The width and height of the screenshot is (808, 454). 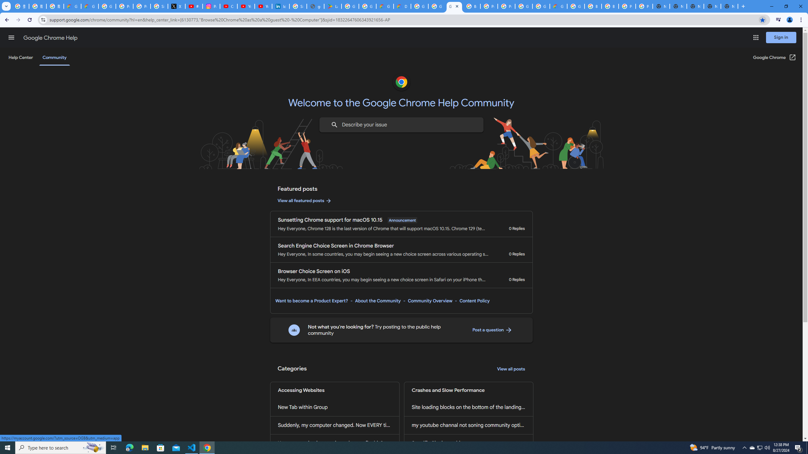 What do you see at coordinates (377, 300) in the screenshot?
I see `'About the Community'` at bounding box center [377, 300].